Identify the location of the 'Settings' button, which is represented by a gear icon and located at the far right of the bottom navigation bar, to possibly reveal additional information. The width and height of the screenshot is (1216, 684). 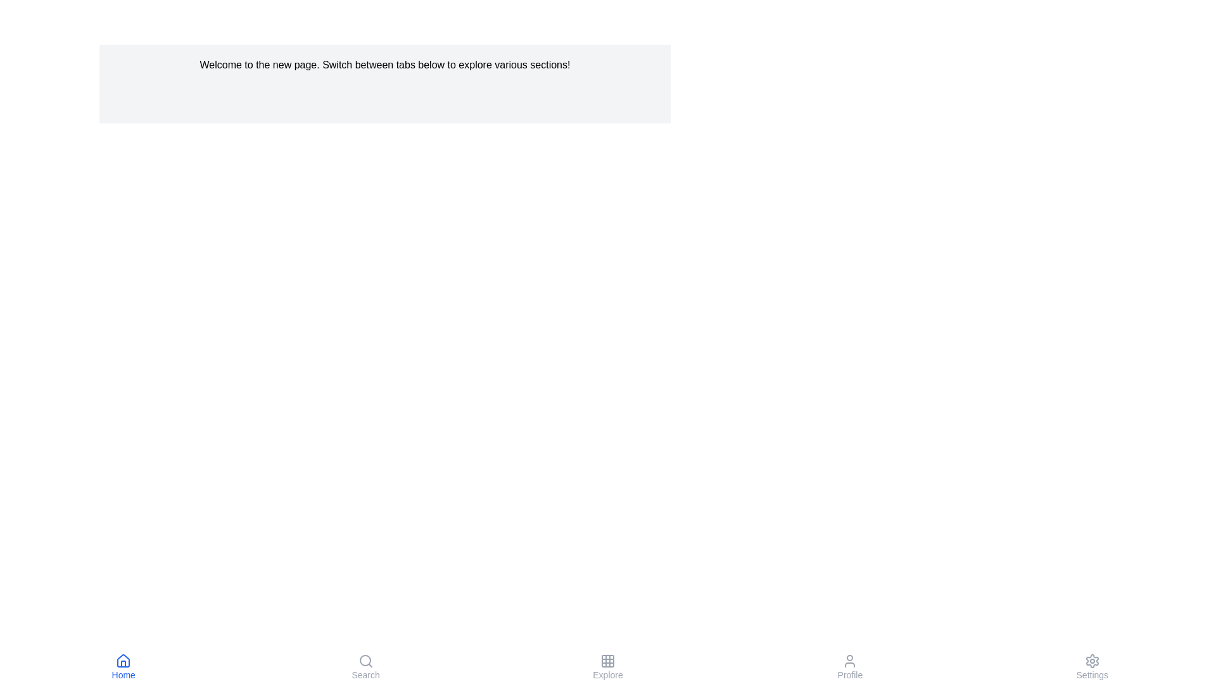
(1091, 666).